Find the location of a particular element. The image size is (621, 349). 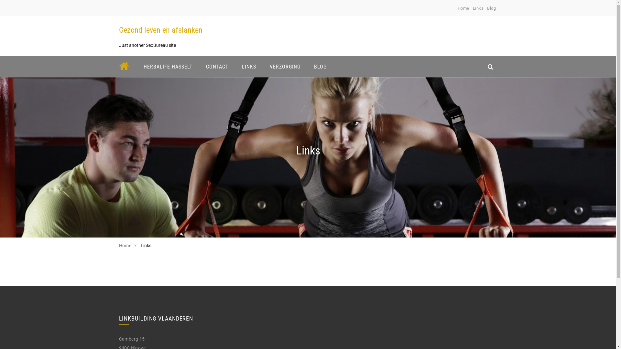

'BLOG' is located at coordinates (320, 67).